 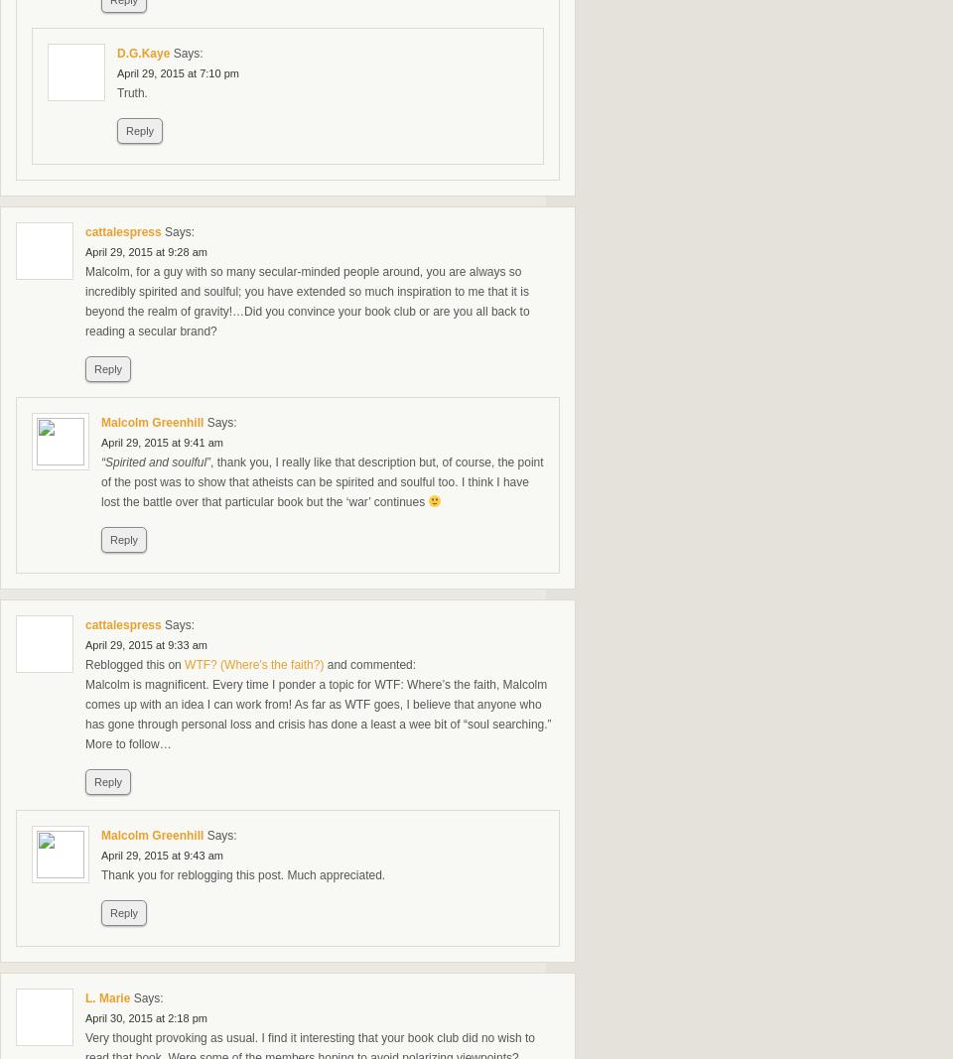 I want to click on 'Thank you for reblogging this post. Much appreciated.', so click(x=241, y=873).